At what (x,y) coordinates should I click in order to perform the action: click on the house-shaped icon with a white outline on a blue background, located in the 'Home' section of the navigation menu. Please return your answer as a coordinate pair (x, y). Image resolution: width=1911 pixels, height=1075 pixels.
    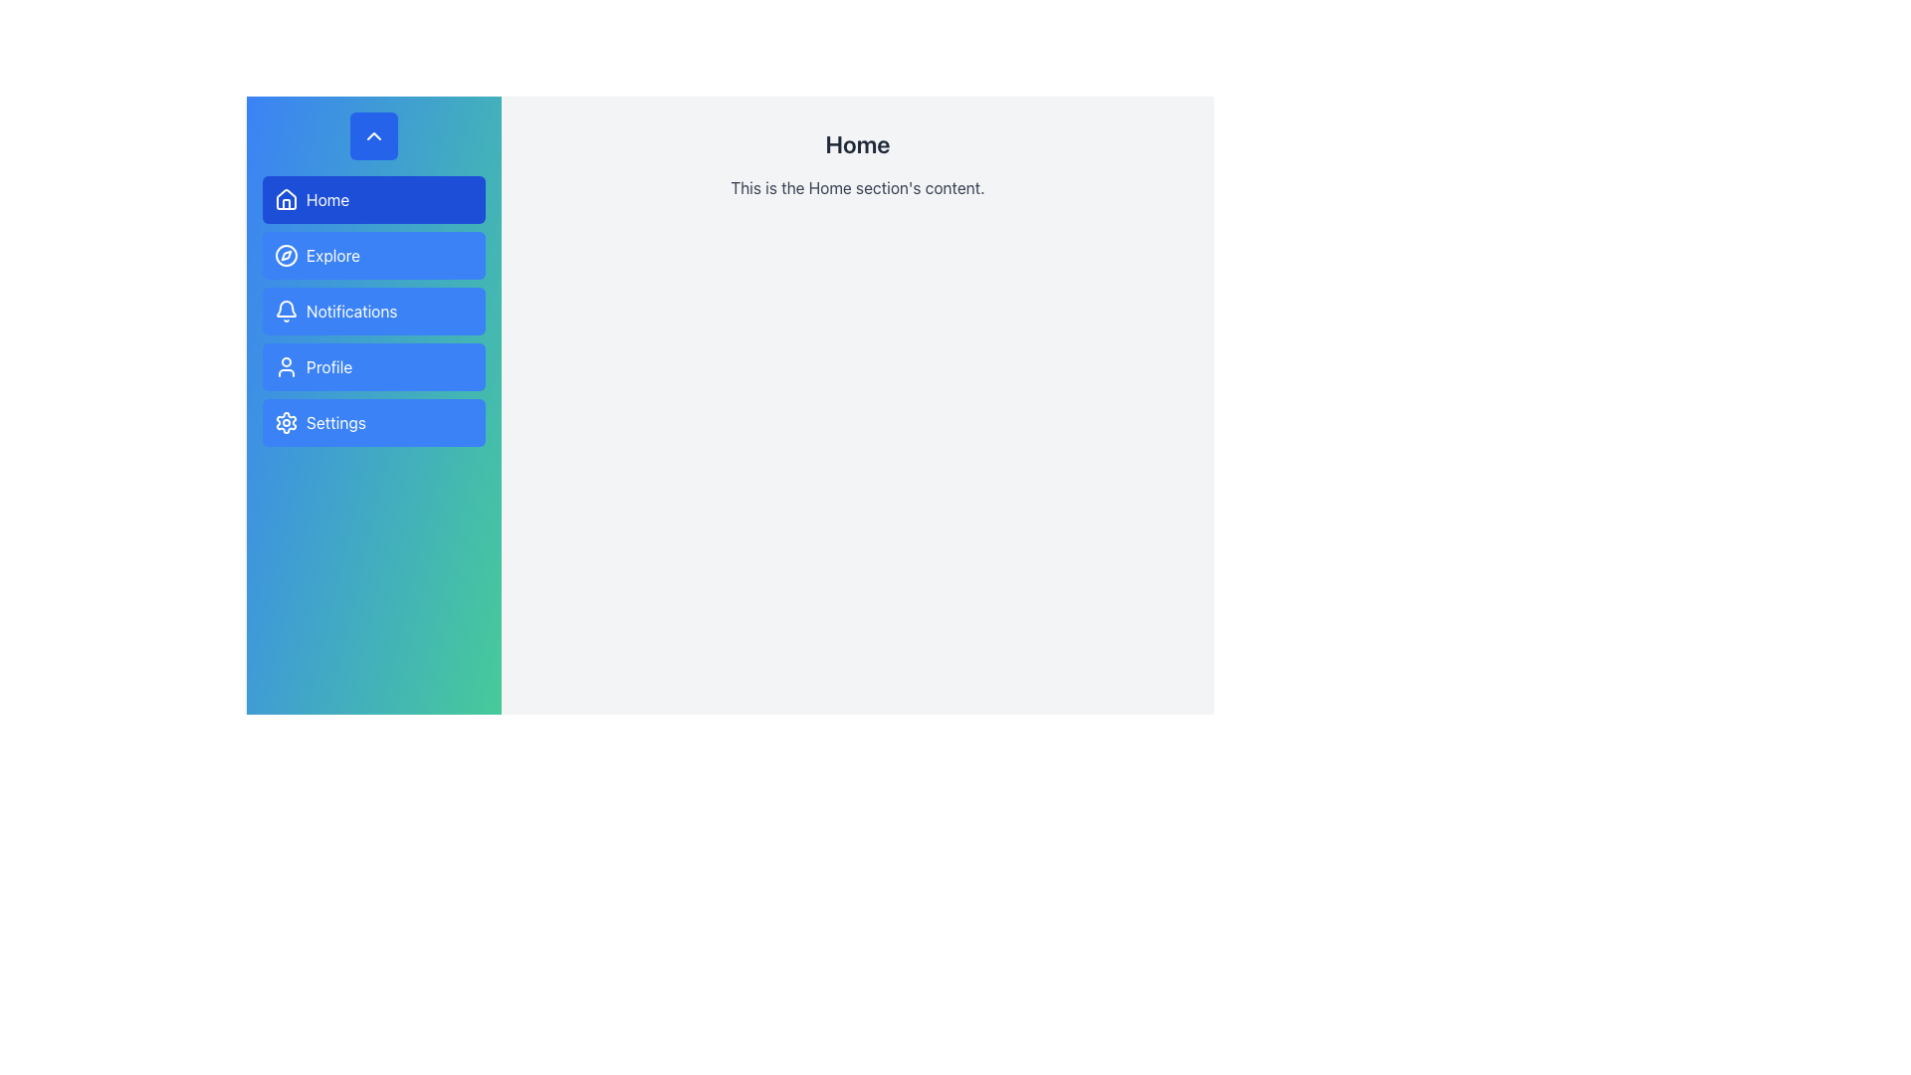
    Looking at the image, I should click on (286, 199).